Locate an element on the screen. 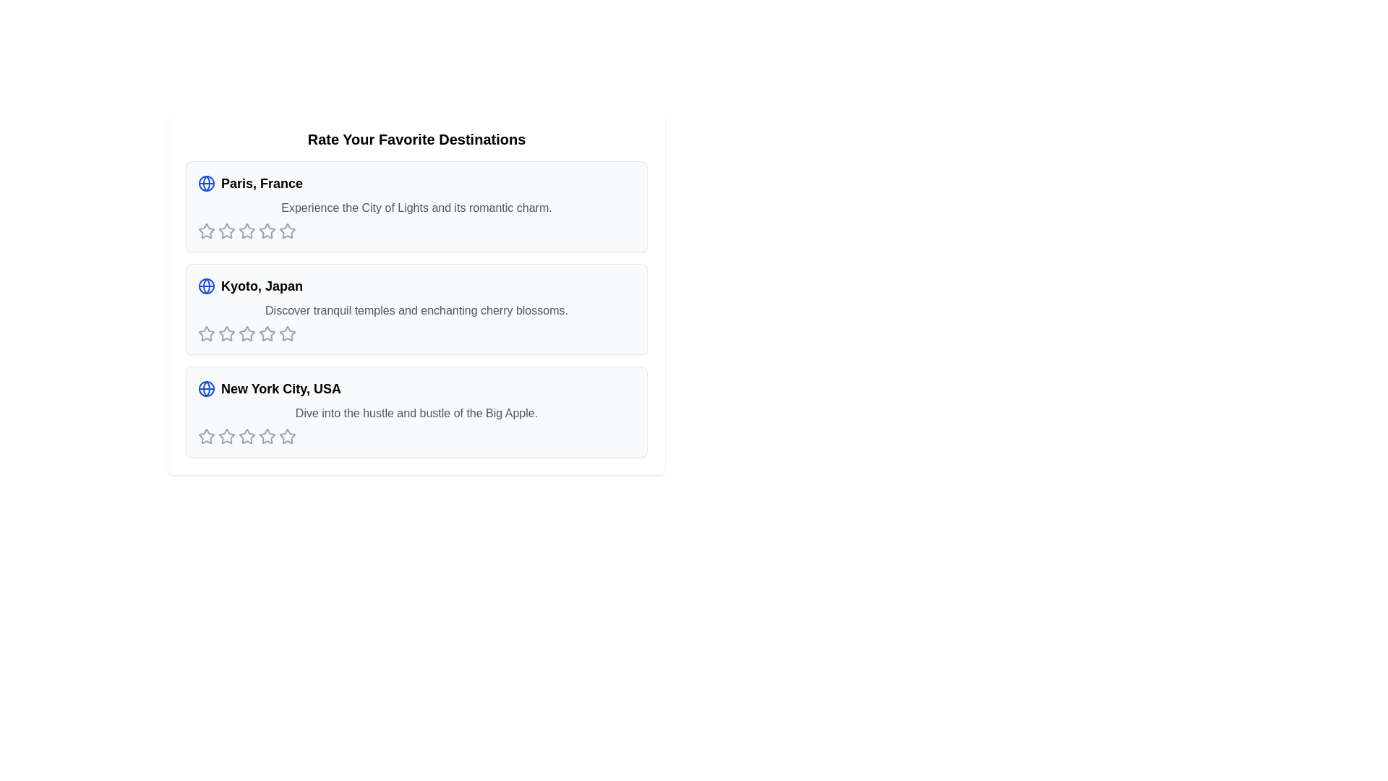  the decorative circular UI component that is part of the SVG globe icon, located to the left of the 'Paris, France' text label is located at coordinates (206, 183).